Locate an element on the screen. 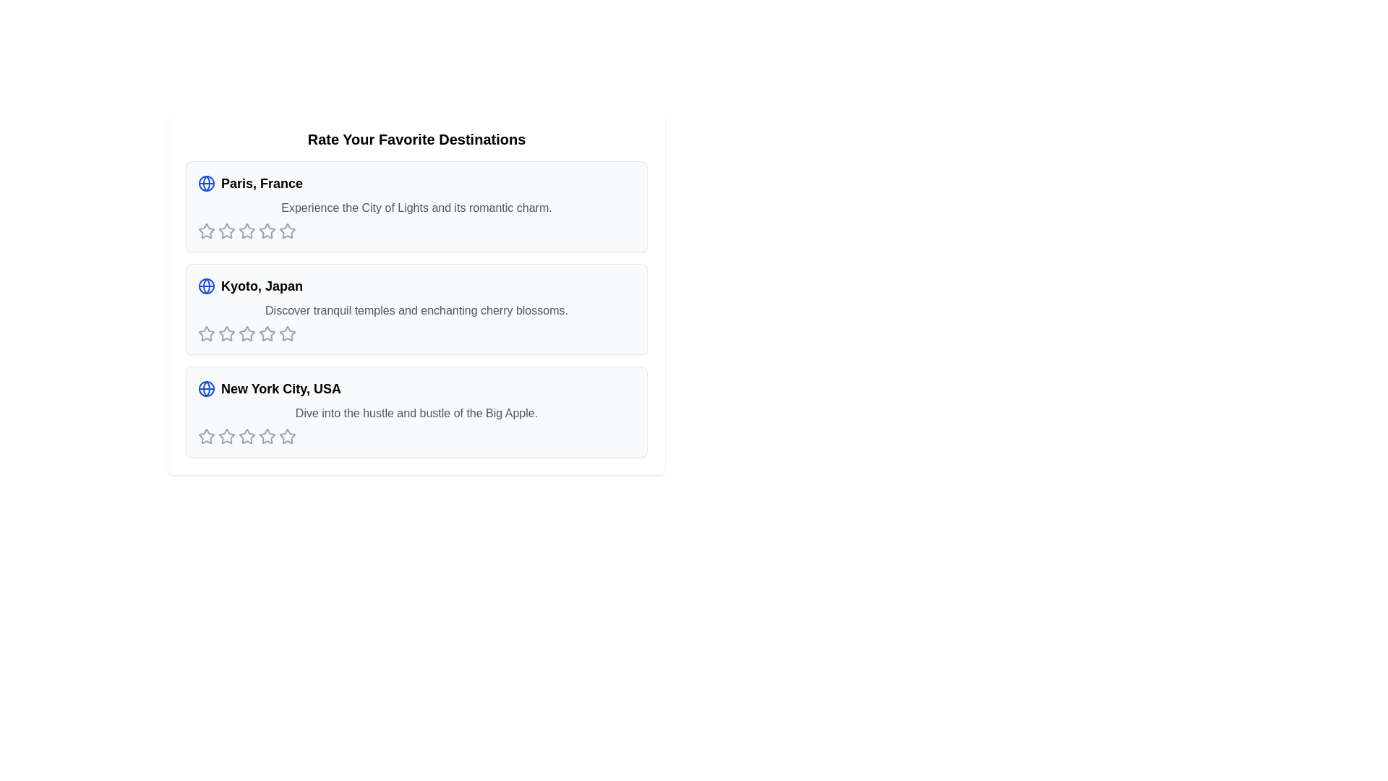  the decorative circular UI component that is part of the SVG globe icon, located to the left of the 'Paris, France' text label is located at coordinates (206, 183).